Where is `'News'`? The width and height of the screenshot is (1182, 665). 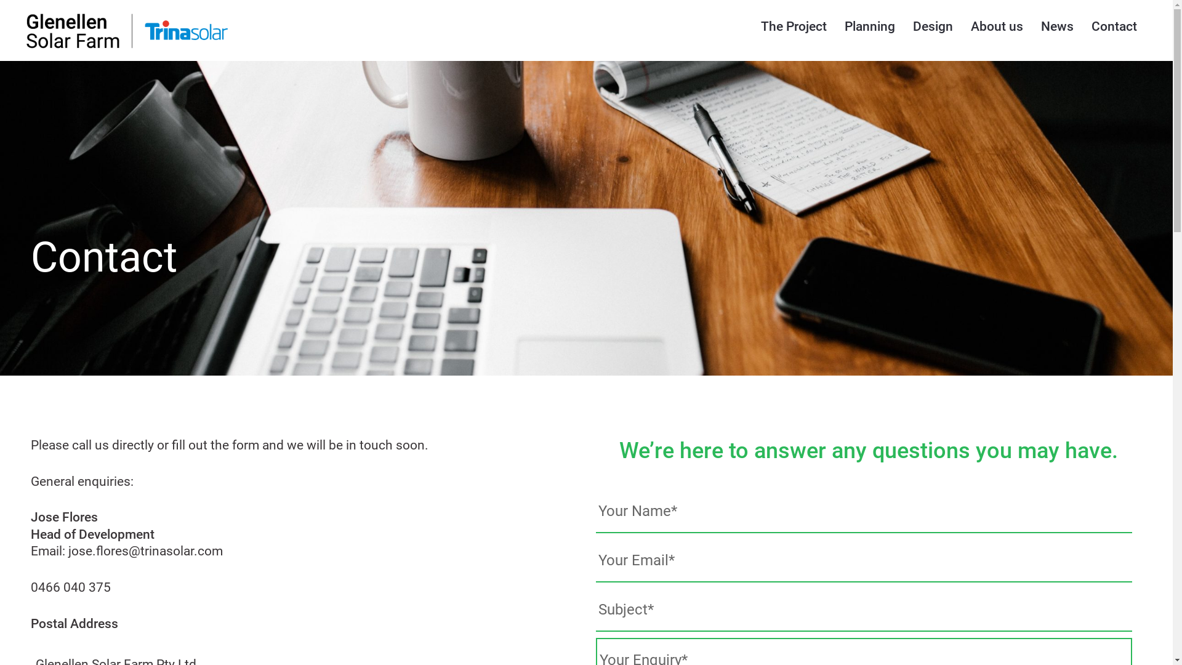
'News' is located at coordinates (1056, 26).